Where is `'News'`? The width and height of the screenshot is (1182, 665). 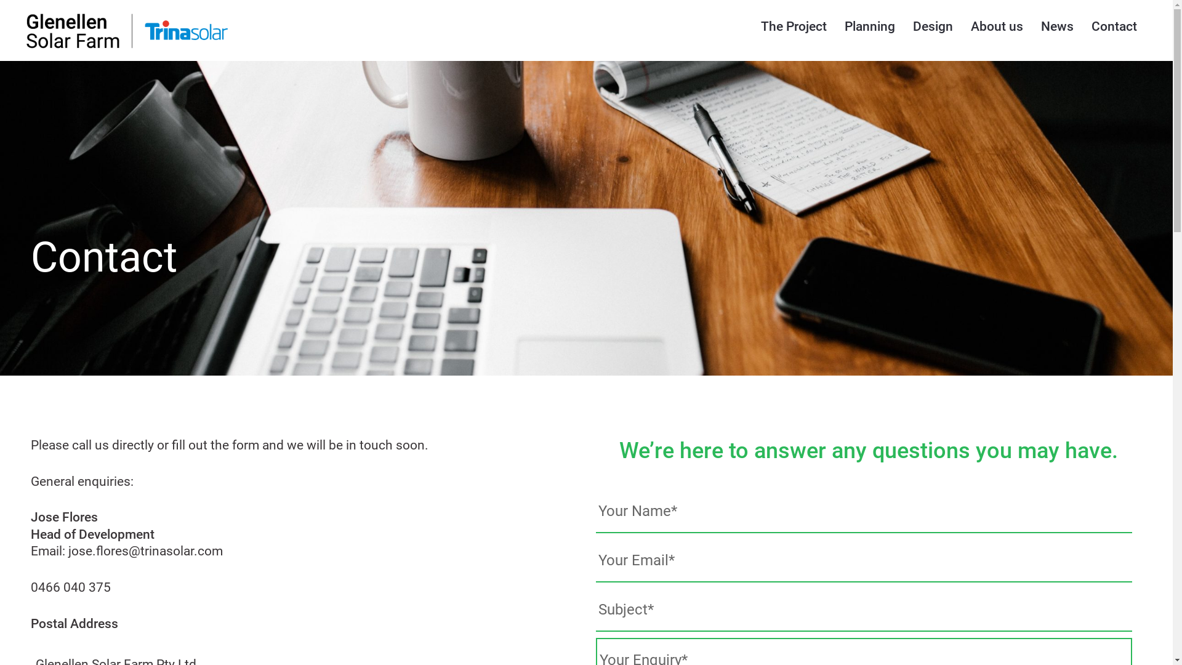
'News' is located at coordinates (1056, 26).